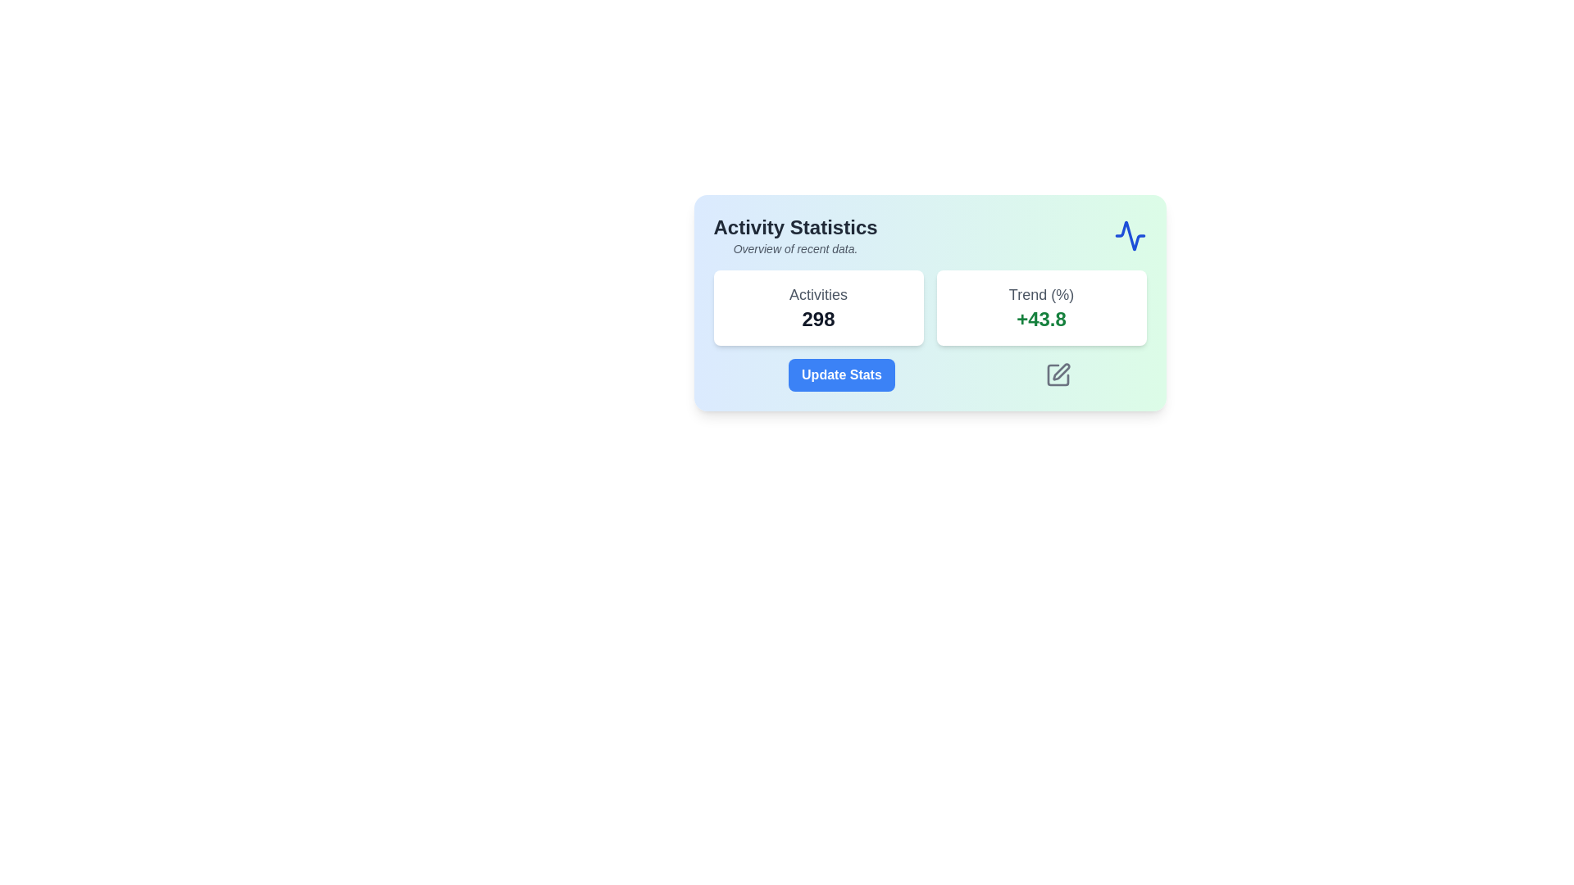  Describe the element at coordinates (1129, 236) in the screenshot. I see `the stylized wave or signal graph icon, which is blue against a light green background, located in the top right corner of the card interface` at that location.